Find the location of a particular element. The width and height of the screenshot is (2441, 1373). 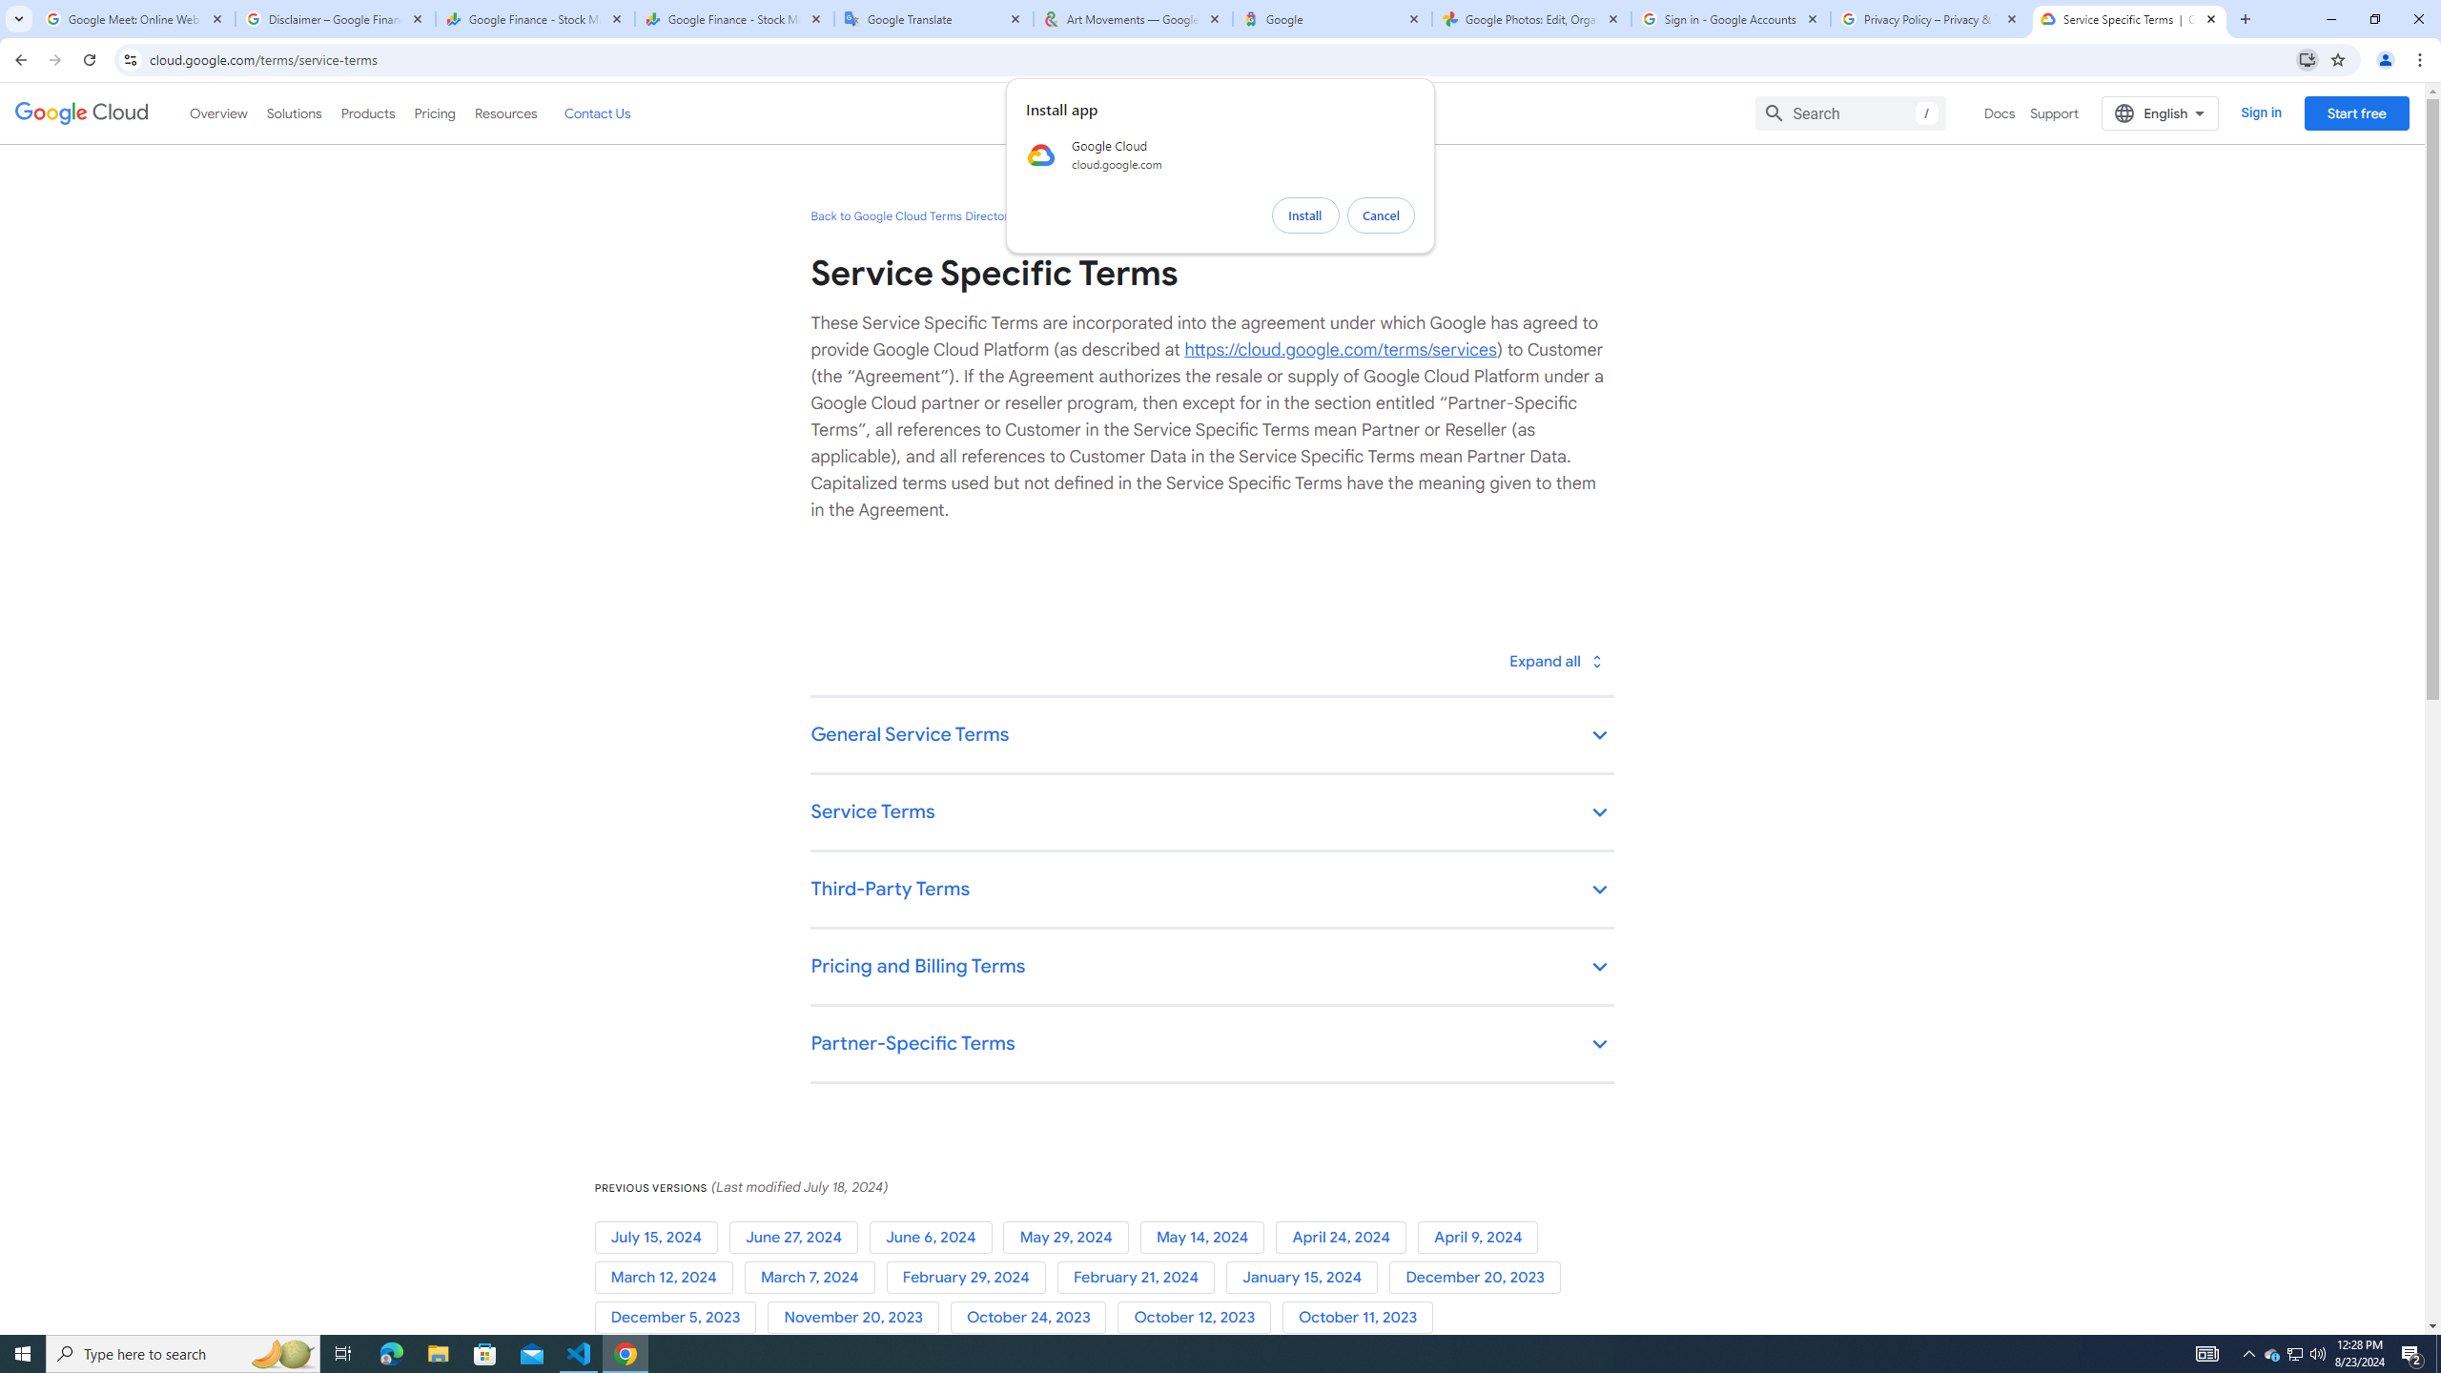

'January 15, 2024' is located at coordinates (1307, 1276).